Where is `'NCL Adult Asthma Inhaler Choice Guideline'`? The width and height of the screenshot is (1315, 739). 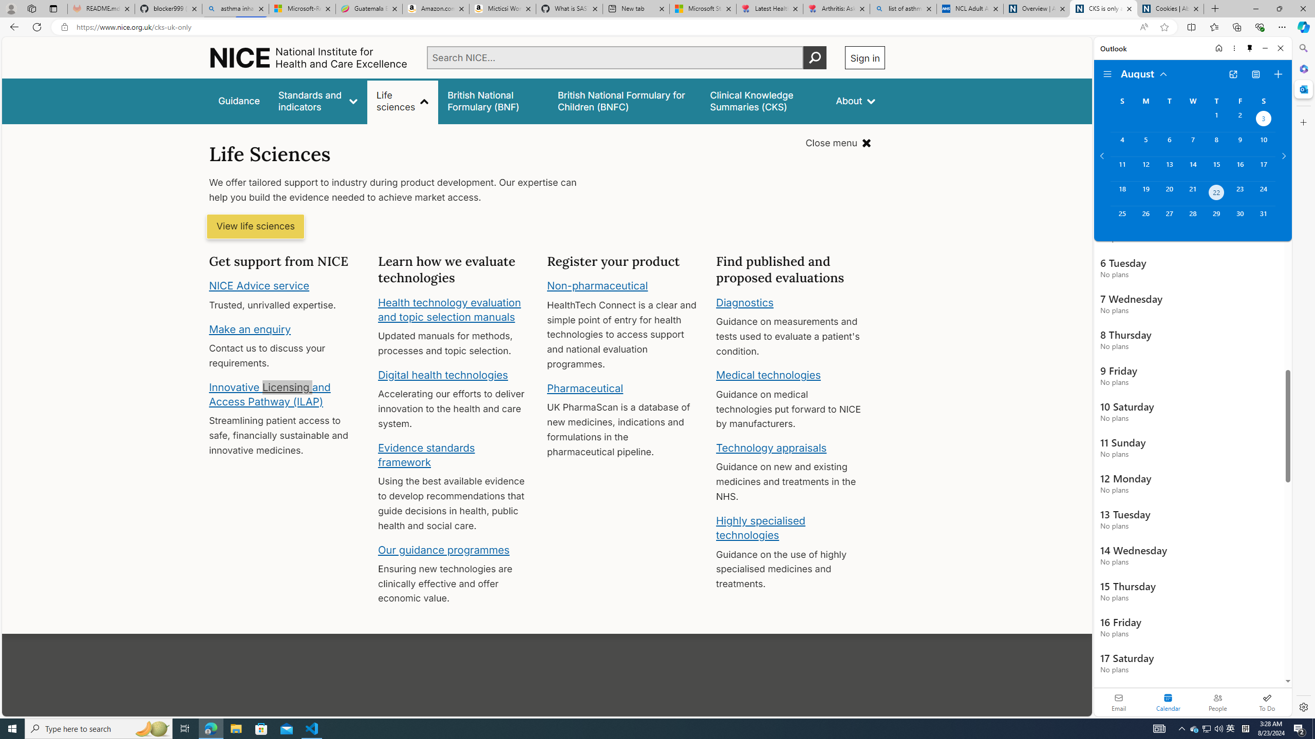
'NCL Adult Asthma Inhaler Choice Guideline' is located at coordinates (969, 8).